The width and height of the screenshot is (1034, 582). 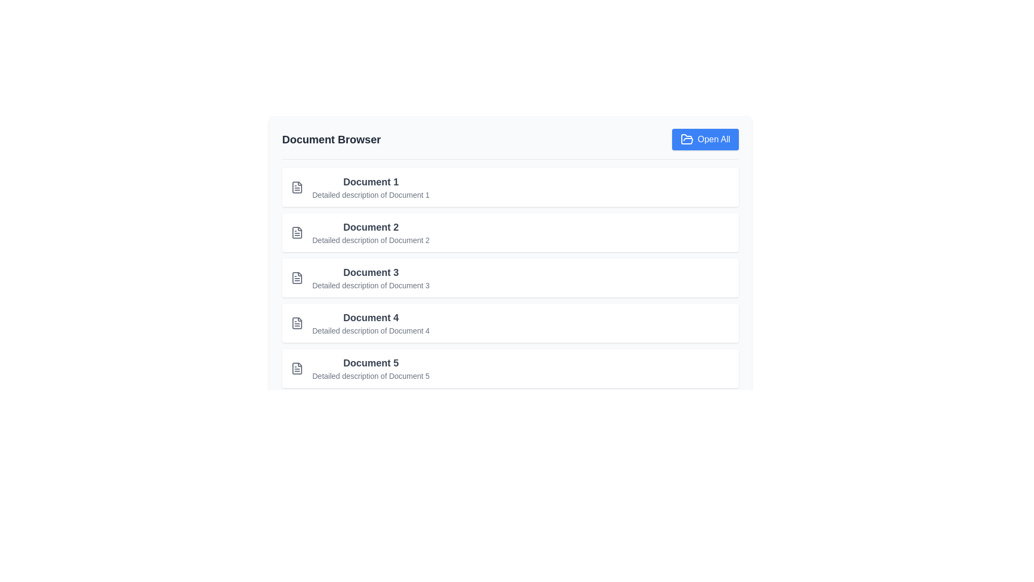 I want to click on title text 'Document 1' of the first document entry in the list, located at the top left section of the document list, so click(x=371, y=182).